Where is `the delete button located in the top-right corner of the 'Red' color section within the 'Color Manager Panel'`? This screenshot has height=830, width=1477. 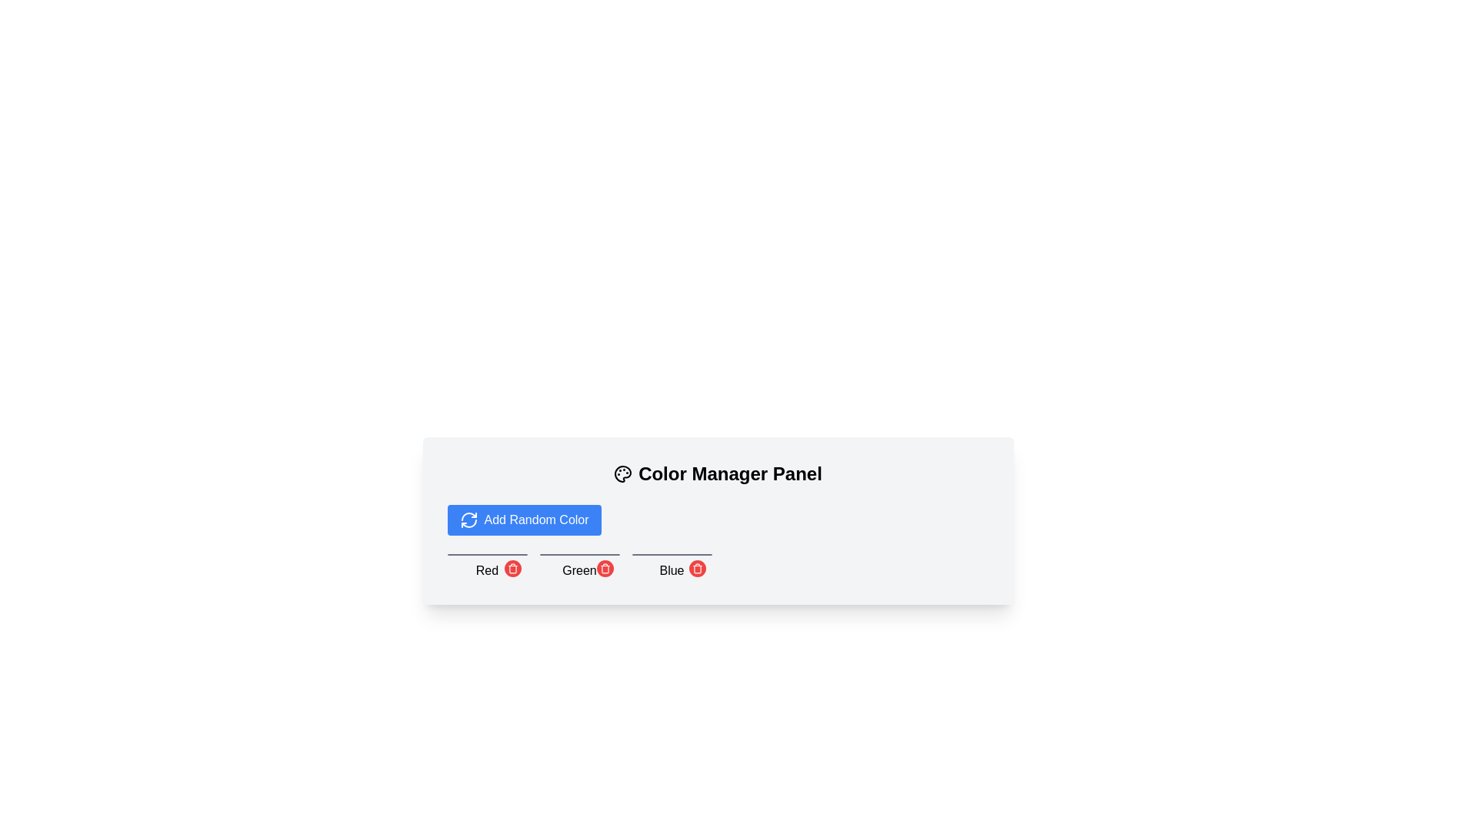 the delete button located in the top-right corner of the 'Red' color section within the 'Color Manager Panel' is located at coordinates (512, 569).